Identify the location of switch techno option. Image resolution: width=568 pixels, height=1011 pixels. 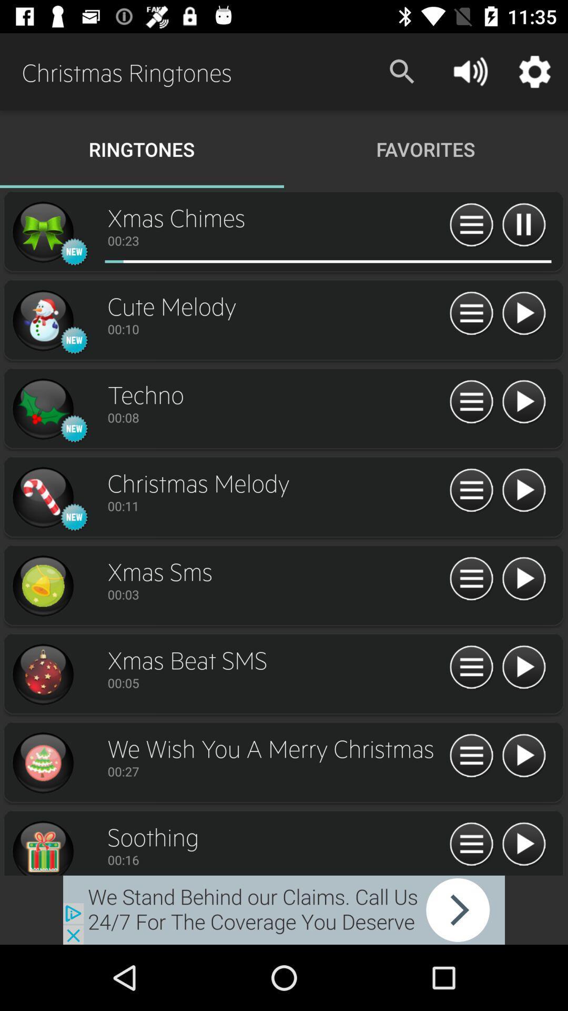
(42, 409).